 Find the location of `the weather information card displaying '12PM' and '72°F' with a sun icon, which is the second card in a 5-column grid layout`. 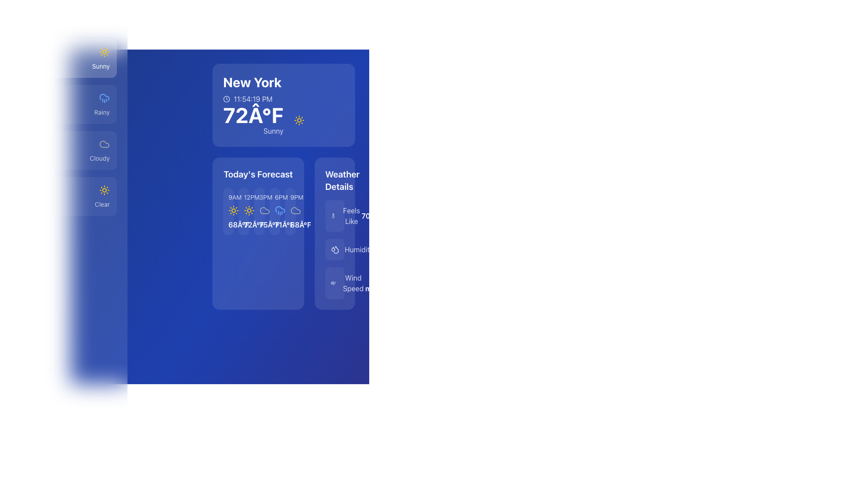

the weather information card displaying '12PM' and '72°F' with a sun icon, which is the second card in a 5-column grid layout is located at coordinates (243, 212).